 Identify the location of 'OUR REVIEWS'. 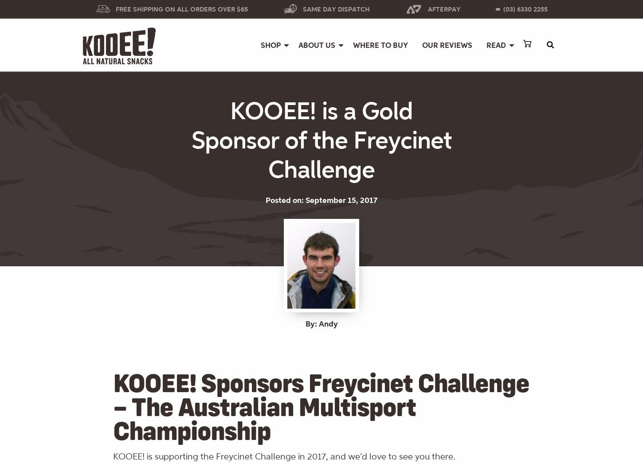
(447, 45).